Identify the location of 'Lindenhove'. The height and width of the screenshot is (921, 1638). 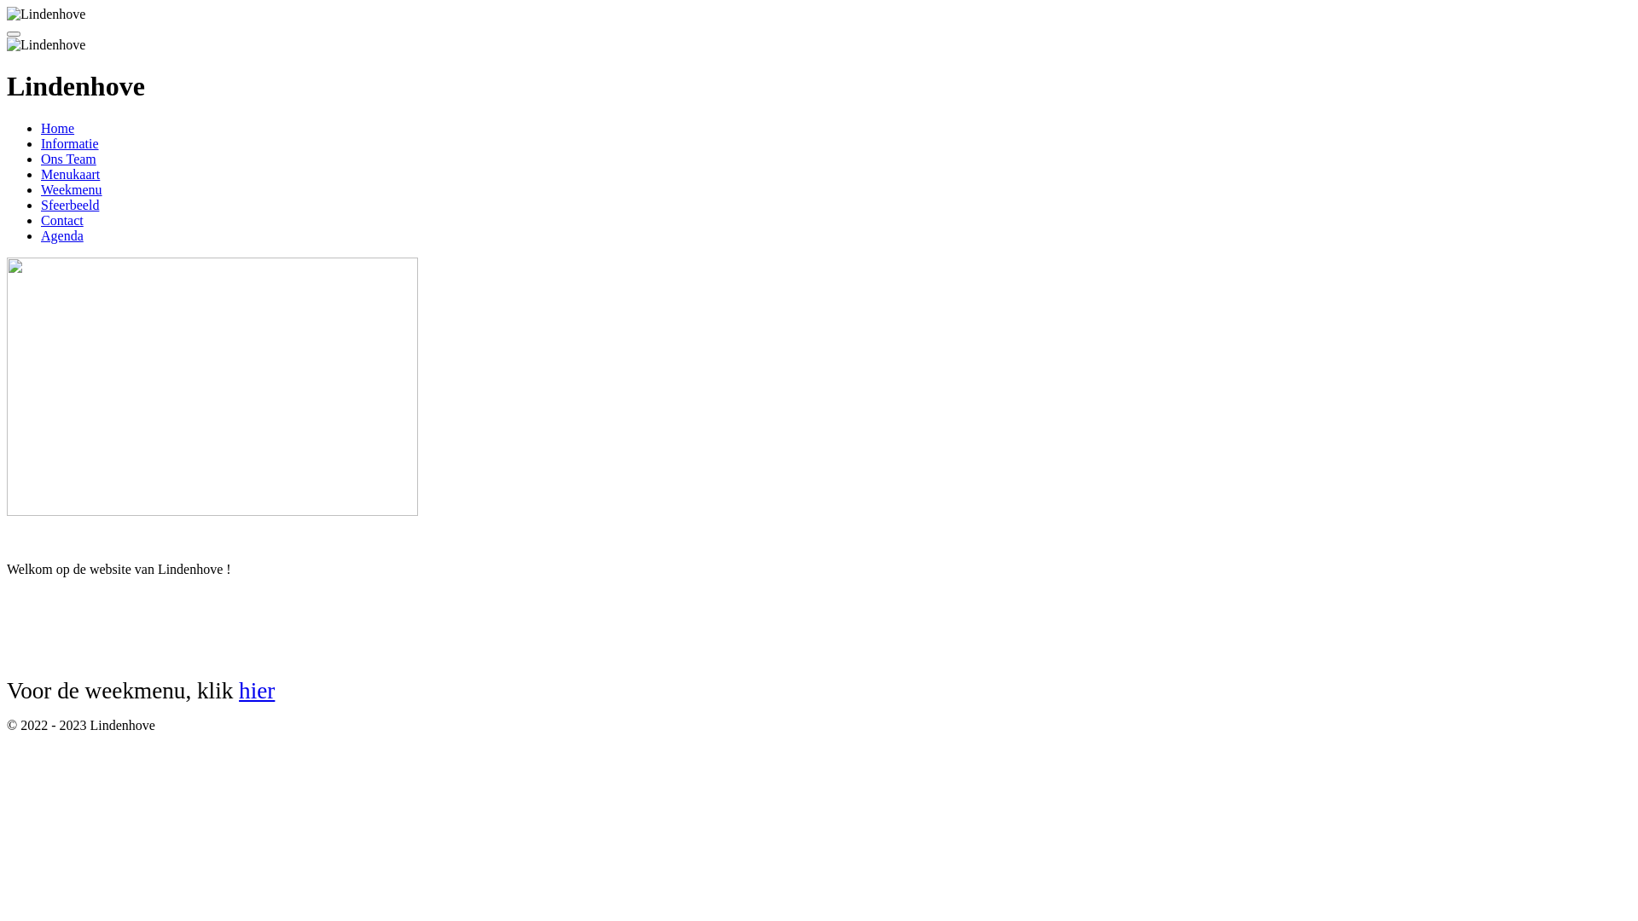
(45, 44).